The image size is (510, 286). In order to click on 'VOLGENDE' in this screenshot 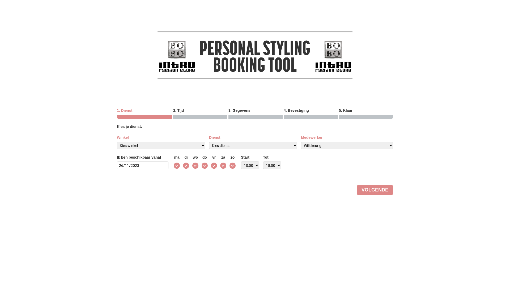, I will do `click(375, 190)`.